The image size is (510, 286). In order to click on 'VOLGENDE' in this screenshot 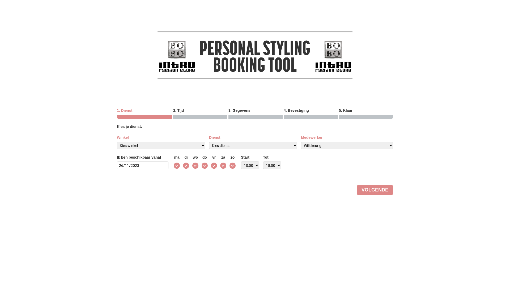, I will do `click(375, 190)`.